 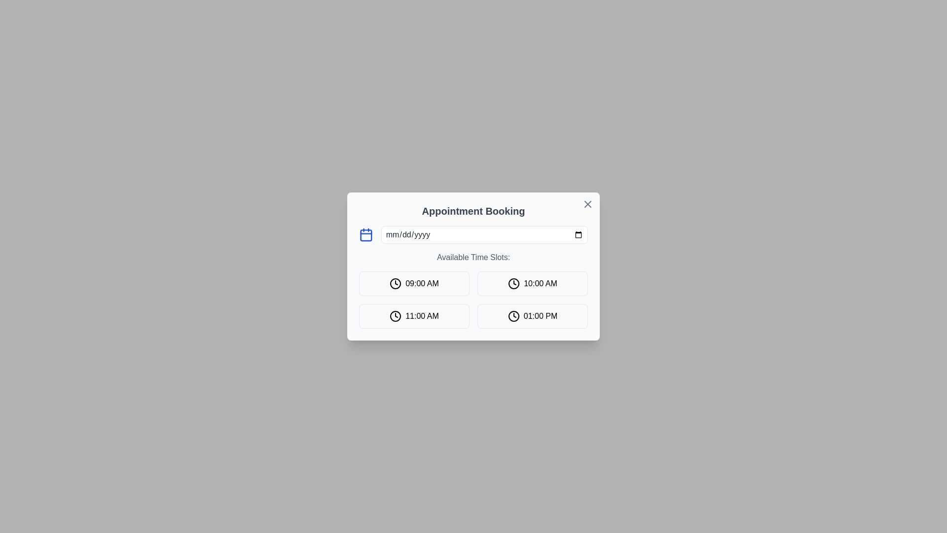 I want to click on the clock icon located within the '09:00 AM' time slot card in the appointment booking interface for visual reference, so click(x=396, y=283).